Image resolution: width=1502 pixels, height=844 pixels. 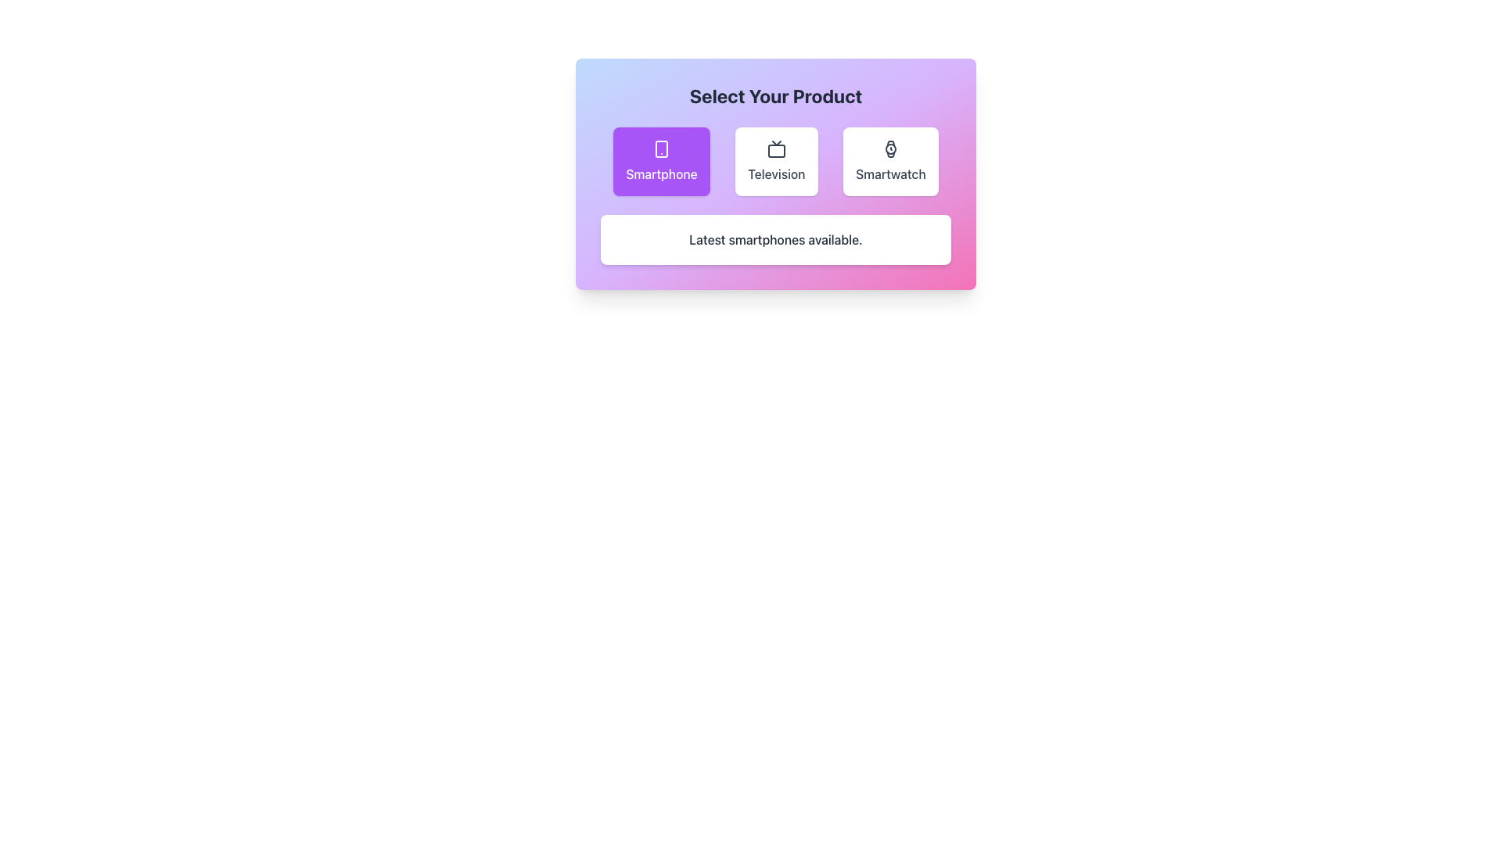 I want to click on the graphical decoration inside the television icon, which is a small rectangular shape with rounded corners, positioned between the Smartphone and Smartwatch options, so click(x=776, y=151).